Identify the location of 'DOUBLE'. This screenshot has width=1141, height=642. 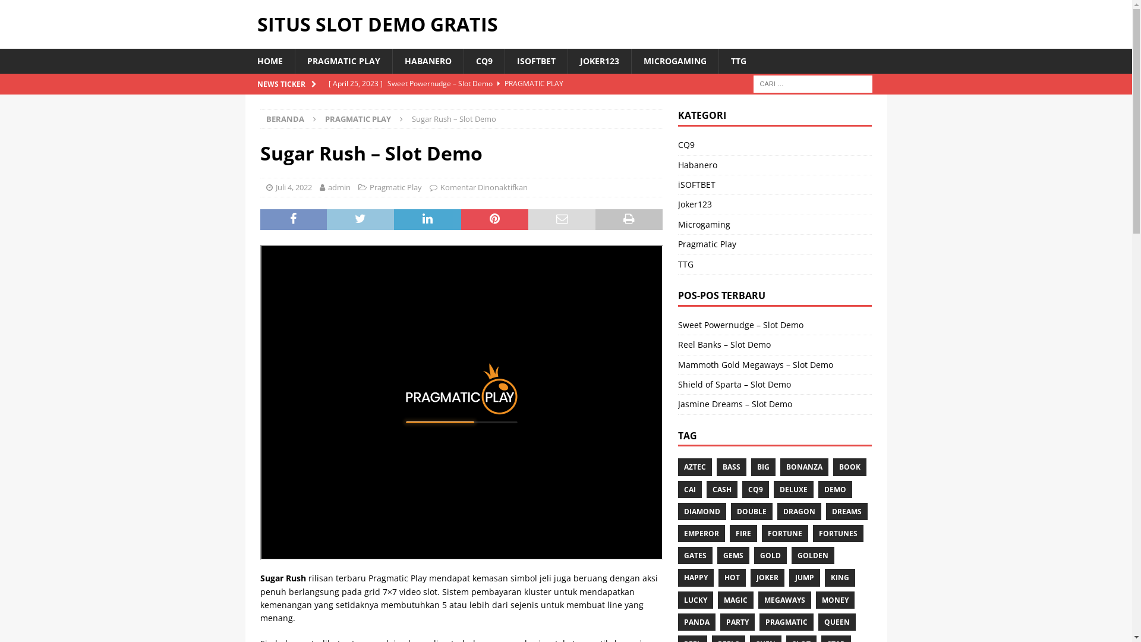
(751, 511).